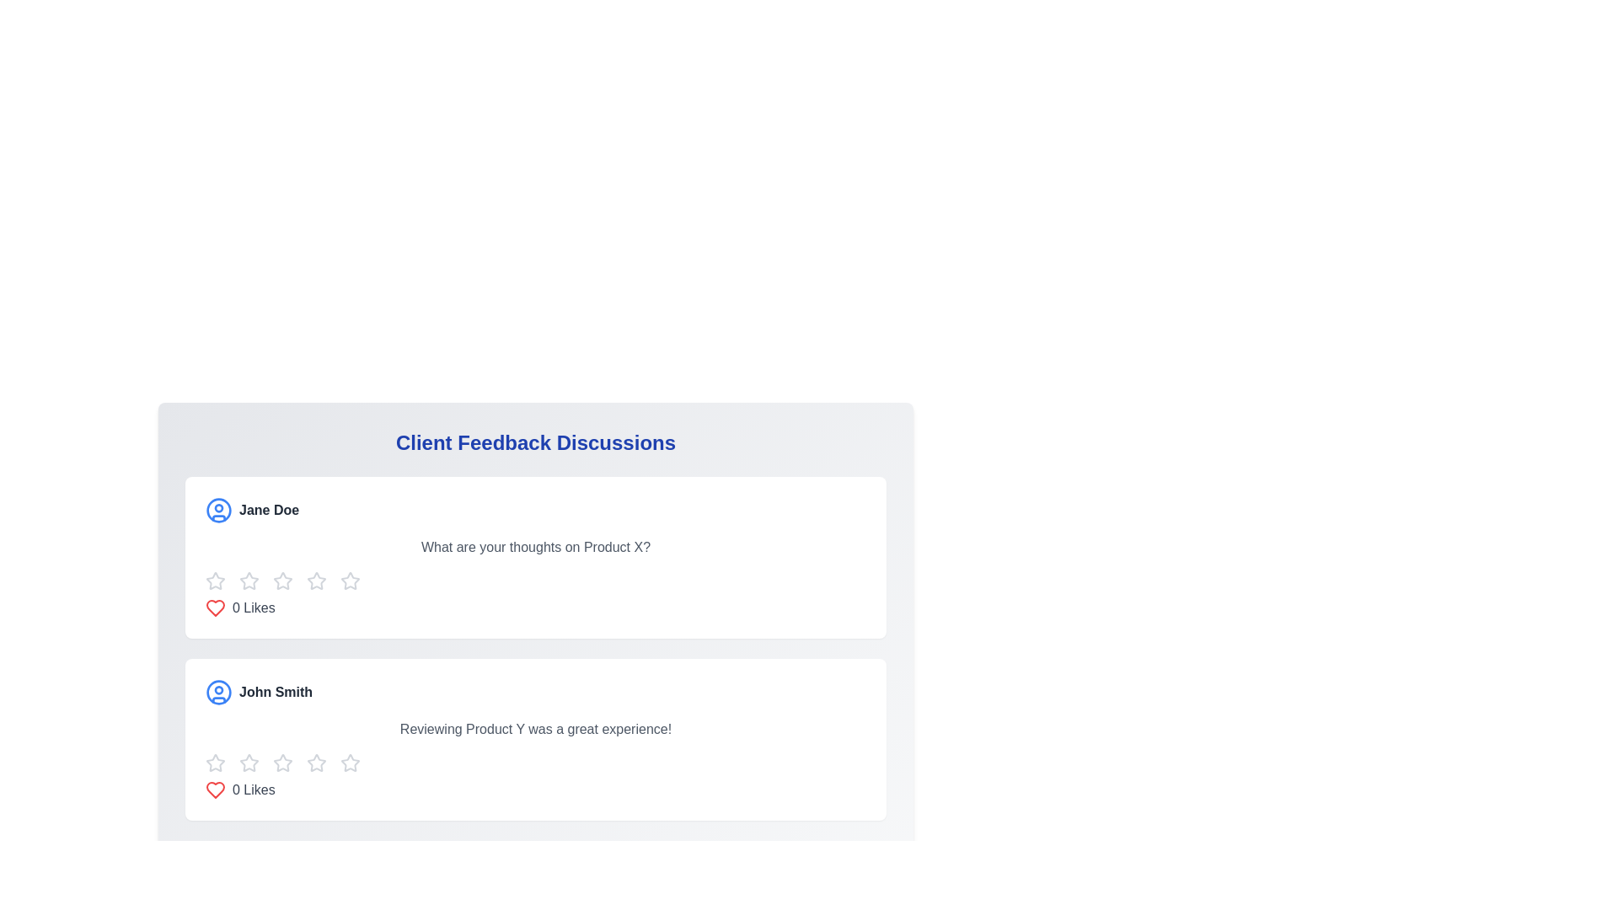 The height and width of the screenshot is (910, 1618). What do you see at coordinates (316, 763) in the screenshot?
I see `the third rating star in the feedback post by 'John Smith'` at bounding box center [316, 763].